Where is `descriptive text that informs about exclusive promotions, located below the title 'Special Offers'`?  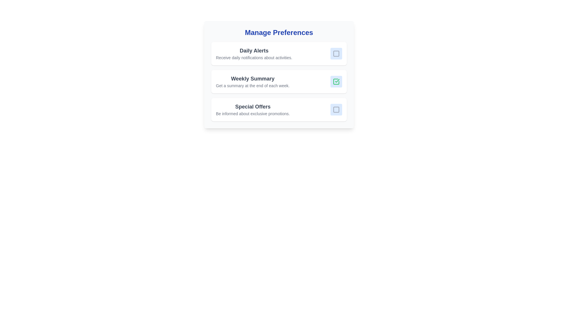
descriptive text that informs about exclusive promotions, located below the title 'Special Offers' is located at coordinates (253, 113).